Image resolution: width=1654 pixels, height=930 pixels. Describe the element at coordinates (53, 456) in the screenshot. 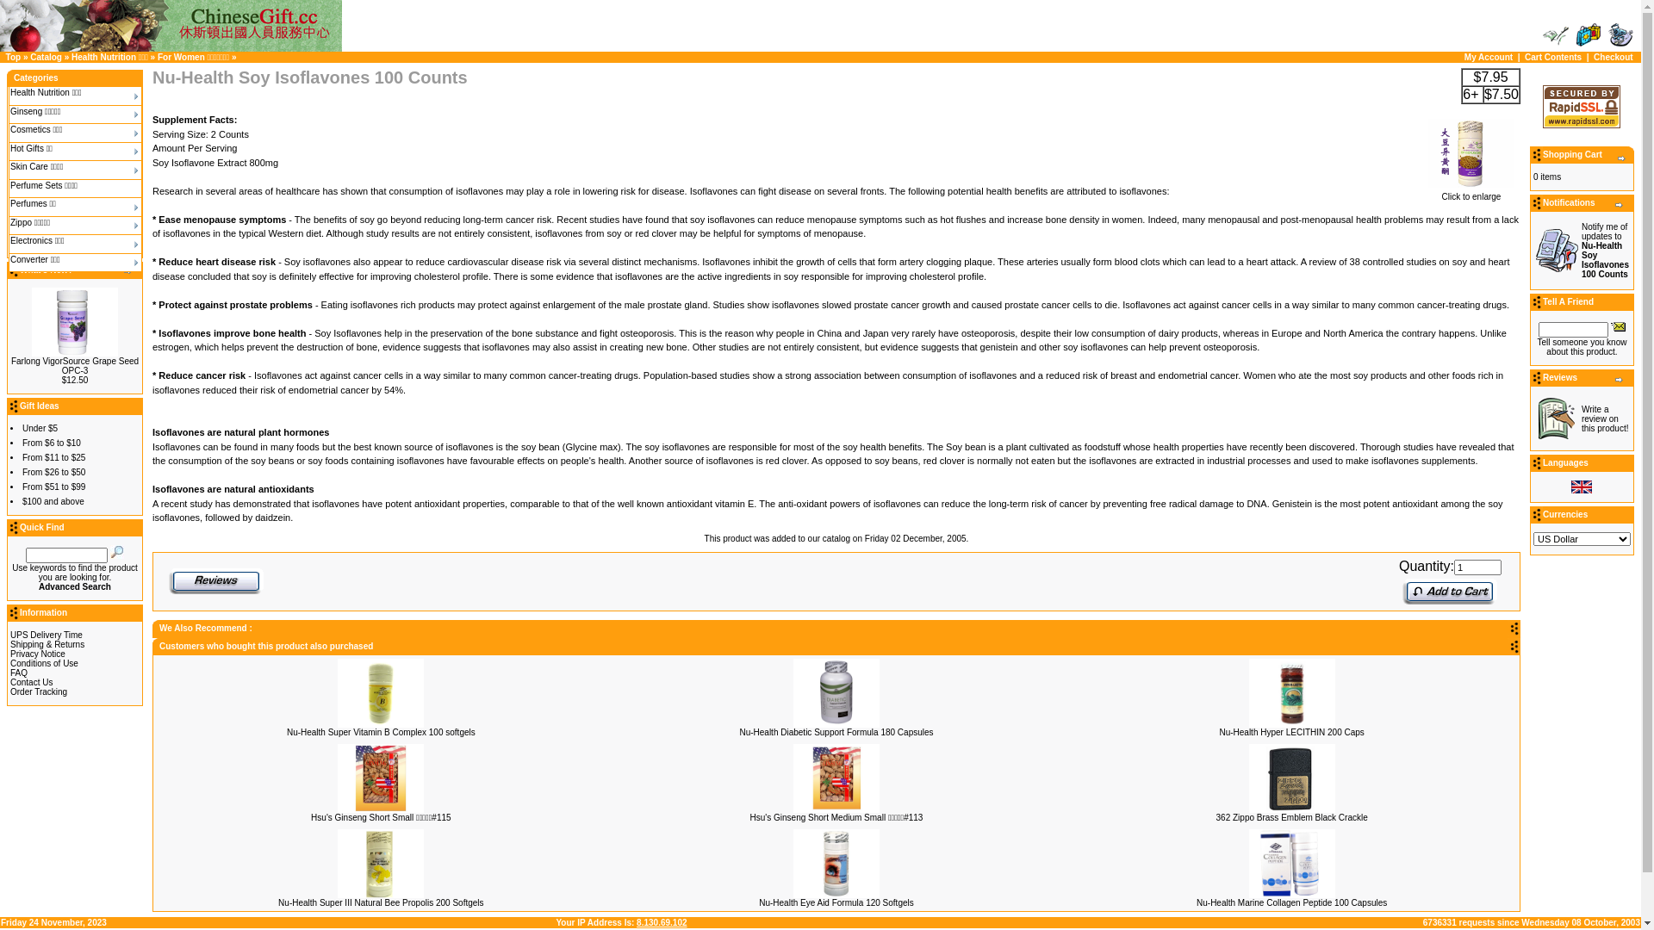

I see `'From $11 to $25'` at that location.